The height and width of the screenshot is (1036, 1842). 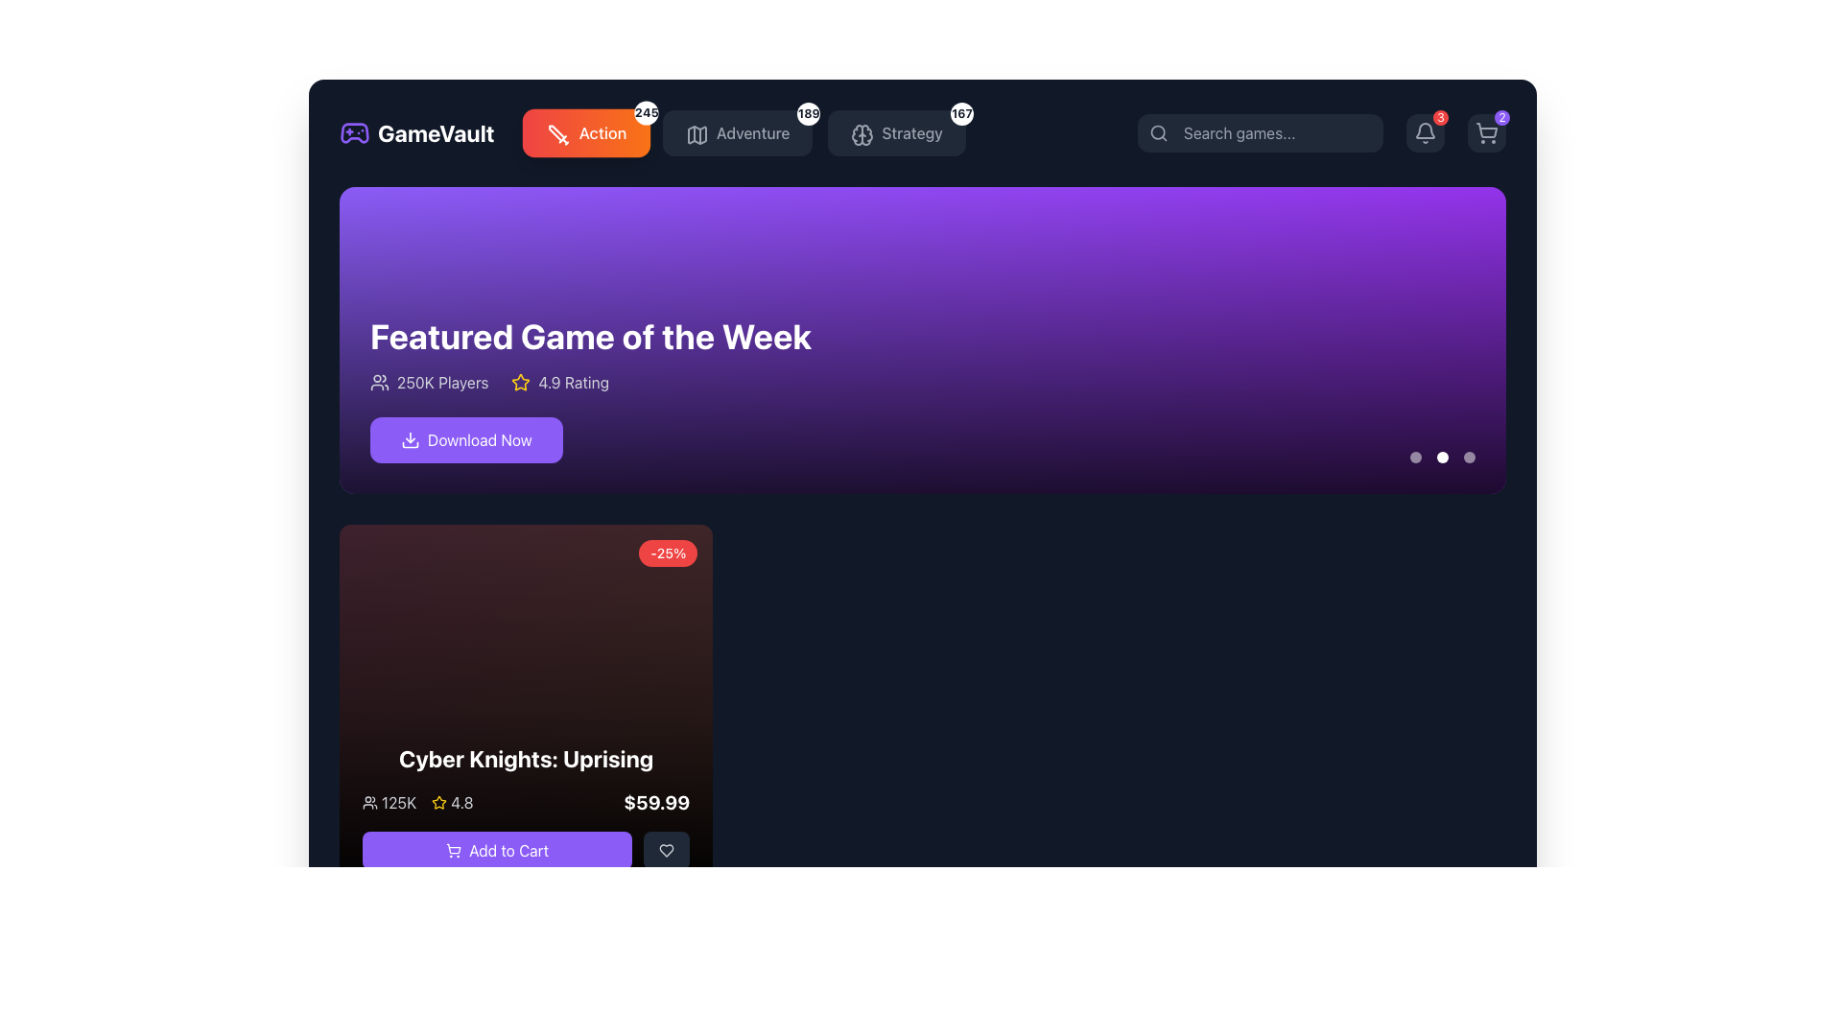 I want to click on the circular notification badge with a red background and white text displaying '3', located at the top-right corner of the bell icon in the navigation bar, so click(x=1441, y=118).